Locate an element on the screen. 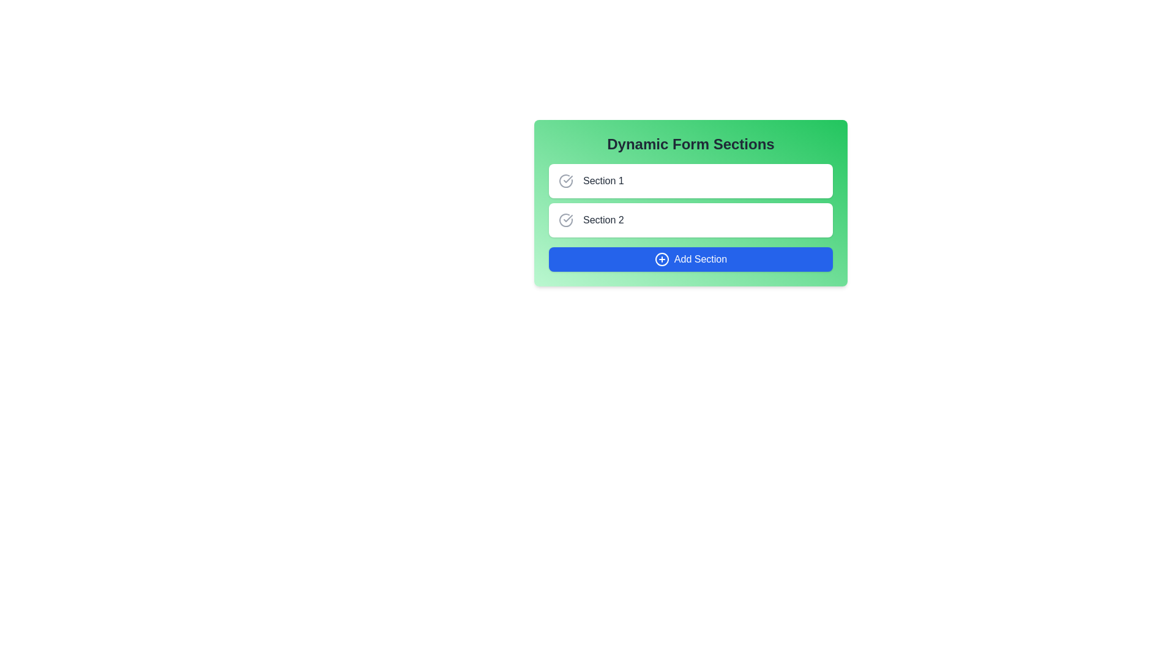 The image size is (1175, 661). the innermost circular shape of the 'Add Section' button's icon, which is a graphical vector circle used for decorative purposes is located at coordinates (661, 259).